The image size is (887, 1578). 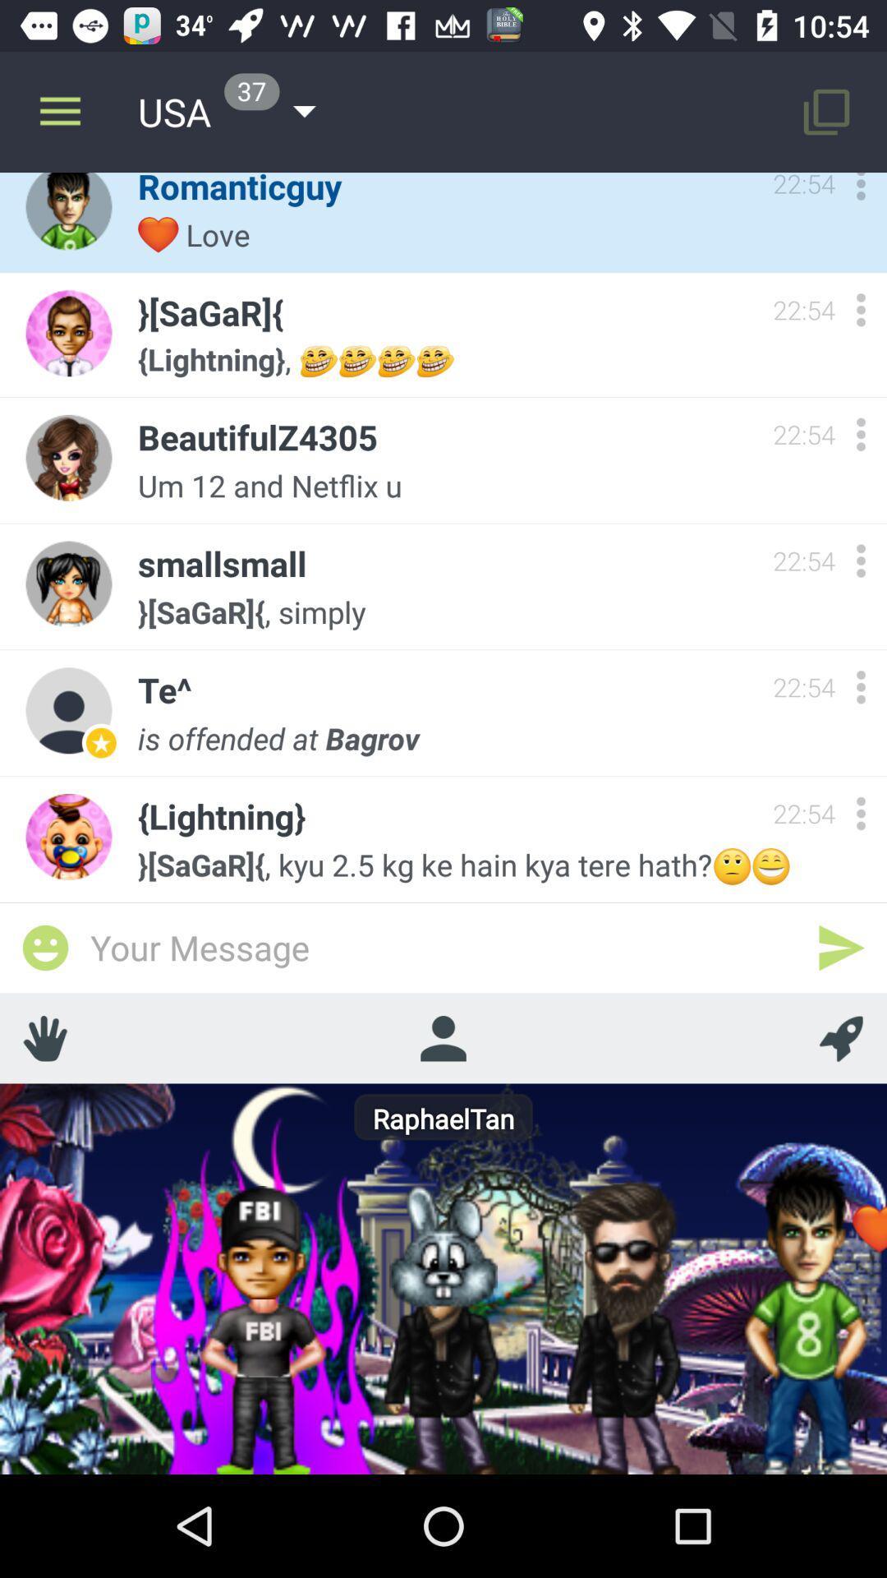 I want to click on more options, so click(x=860, y=191).